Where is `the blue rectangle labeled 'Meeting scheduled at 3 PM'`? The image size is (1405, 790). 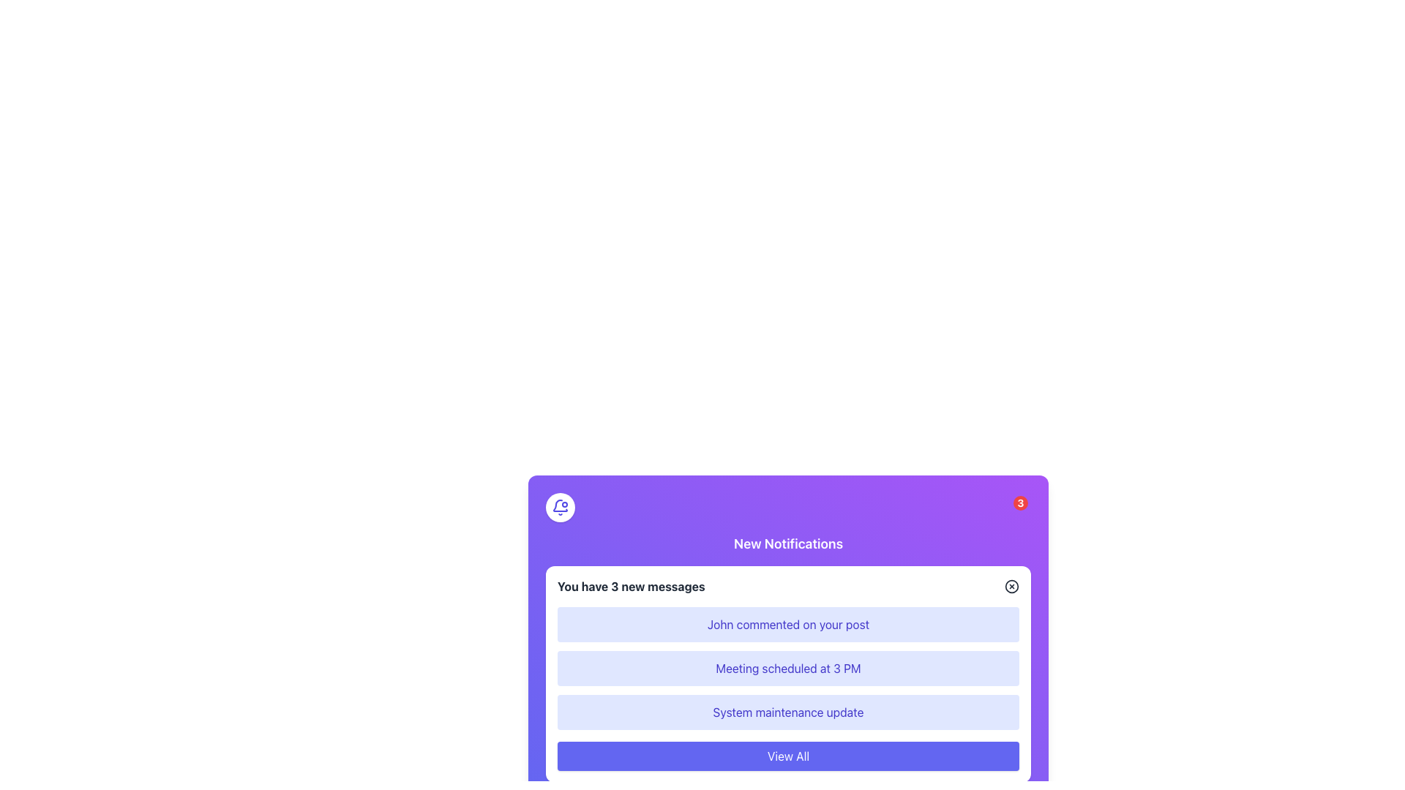
the blue rectangle labeled 'Meeting scheduled at 3 PM' is located at coordinates (787, 674).